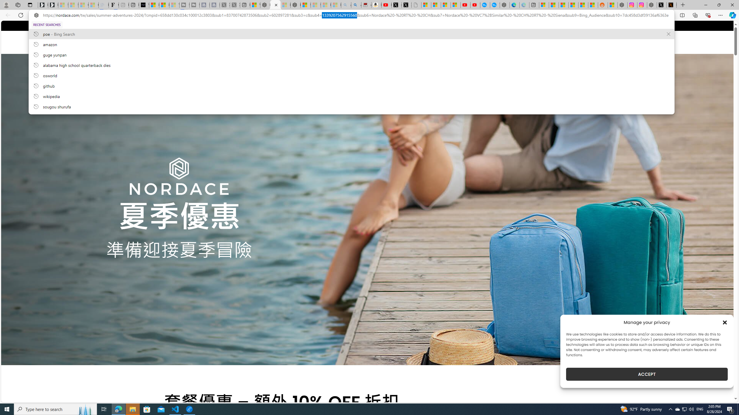 The image size is (739, 415). What do you see at coordinates (505, 5) in the screenshot?
I see `'Nordace - Nordace has arrived Hong Kong'` at bounding box center [505, 5].